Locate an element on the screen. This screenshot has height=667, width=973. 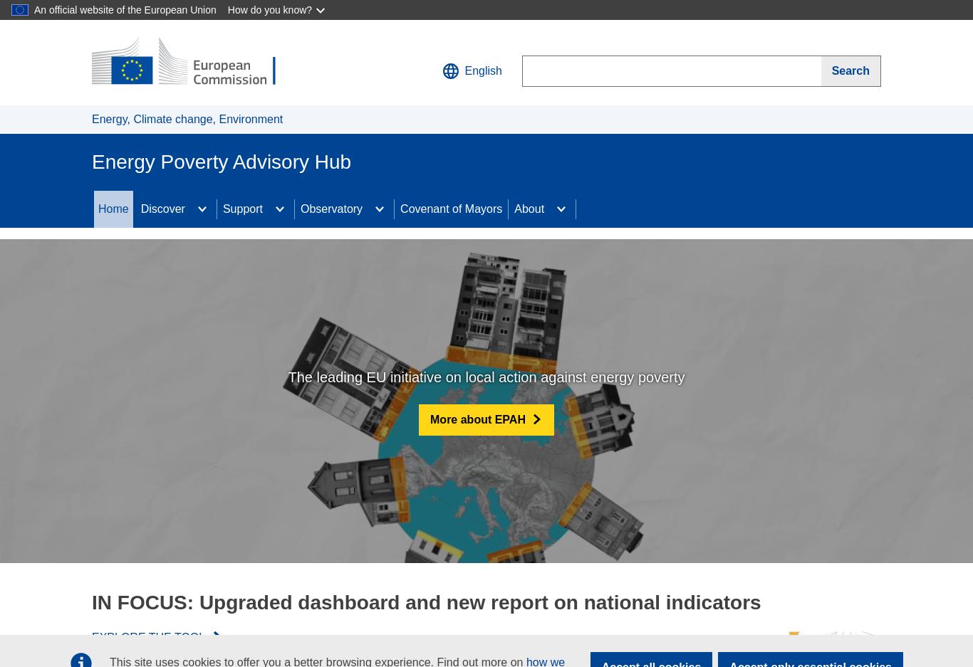
'Home' is located at coordinates (113, 208).